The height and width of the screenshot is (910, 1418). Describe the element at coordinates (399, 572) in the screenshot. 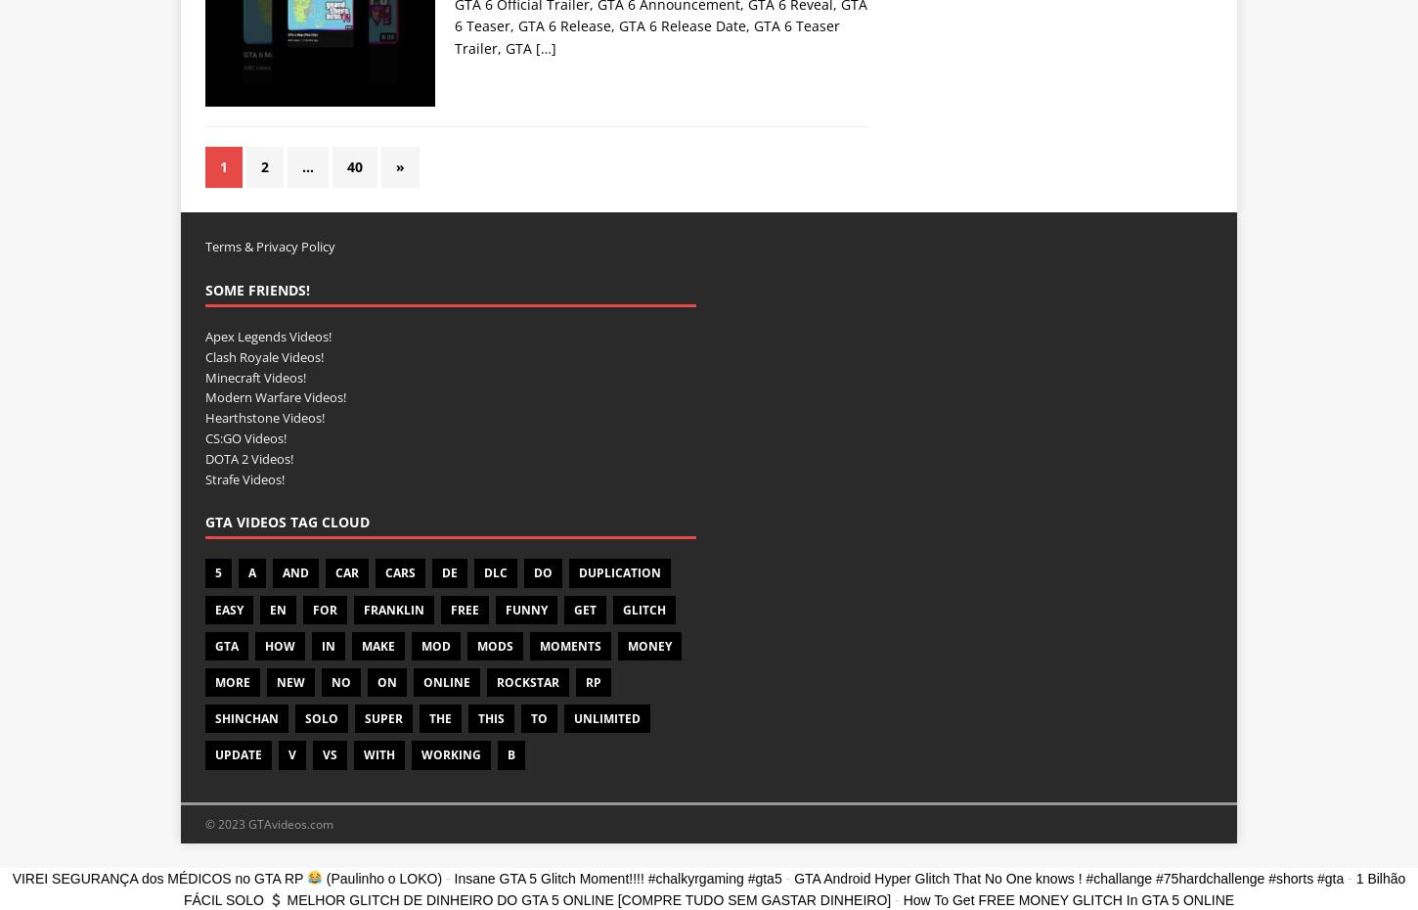

I see `'CARS'` at that location.